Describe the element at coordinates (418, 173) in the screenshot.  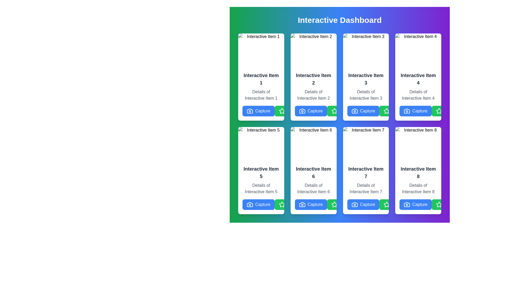
I see `the primary heading text label positioned at the center-top of the card in the last column and second row of the grid layout` at that location.